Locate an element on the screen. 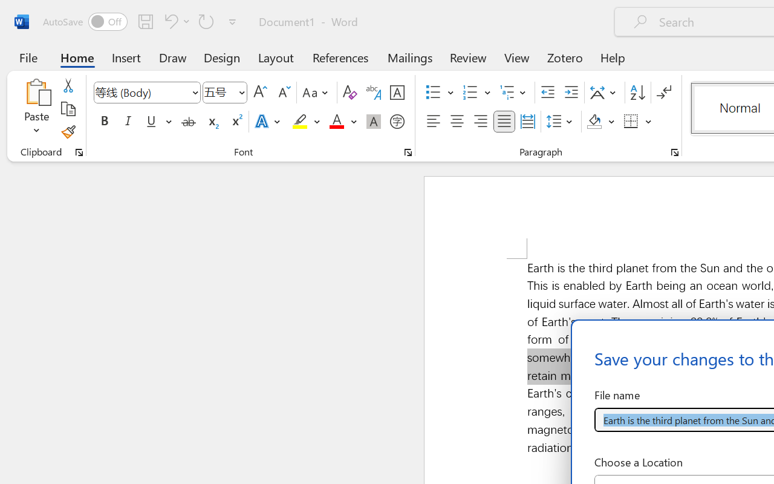  'Change Case' is located at coordinates (317, 93).